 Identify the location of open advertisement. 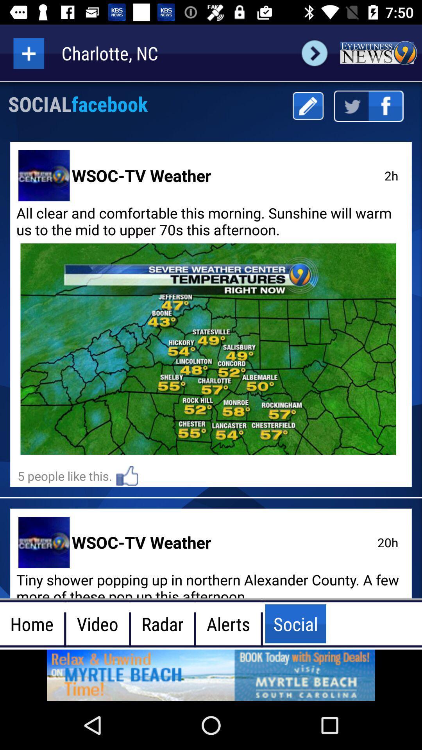
(211, 675).